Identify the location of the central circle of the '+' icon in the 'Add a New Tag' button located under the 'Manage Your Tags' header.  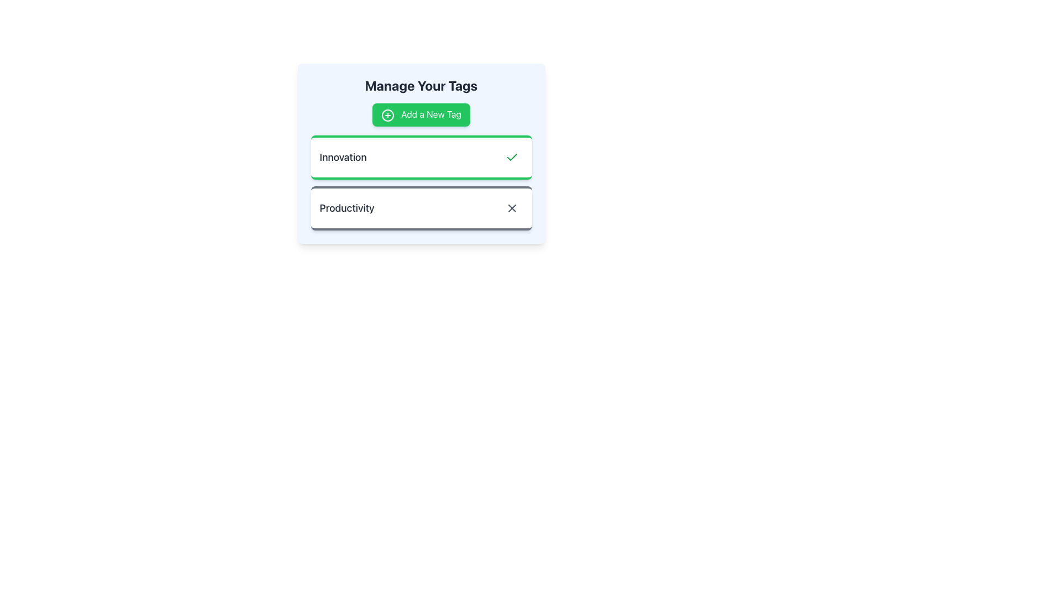
(388, 115).